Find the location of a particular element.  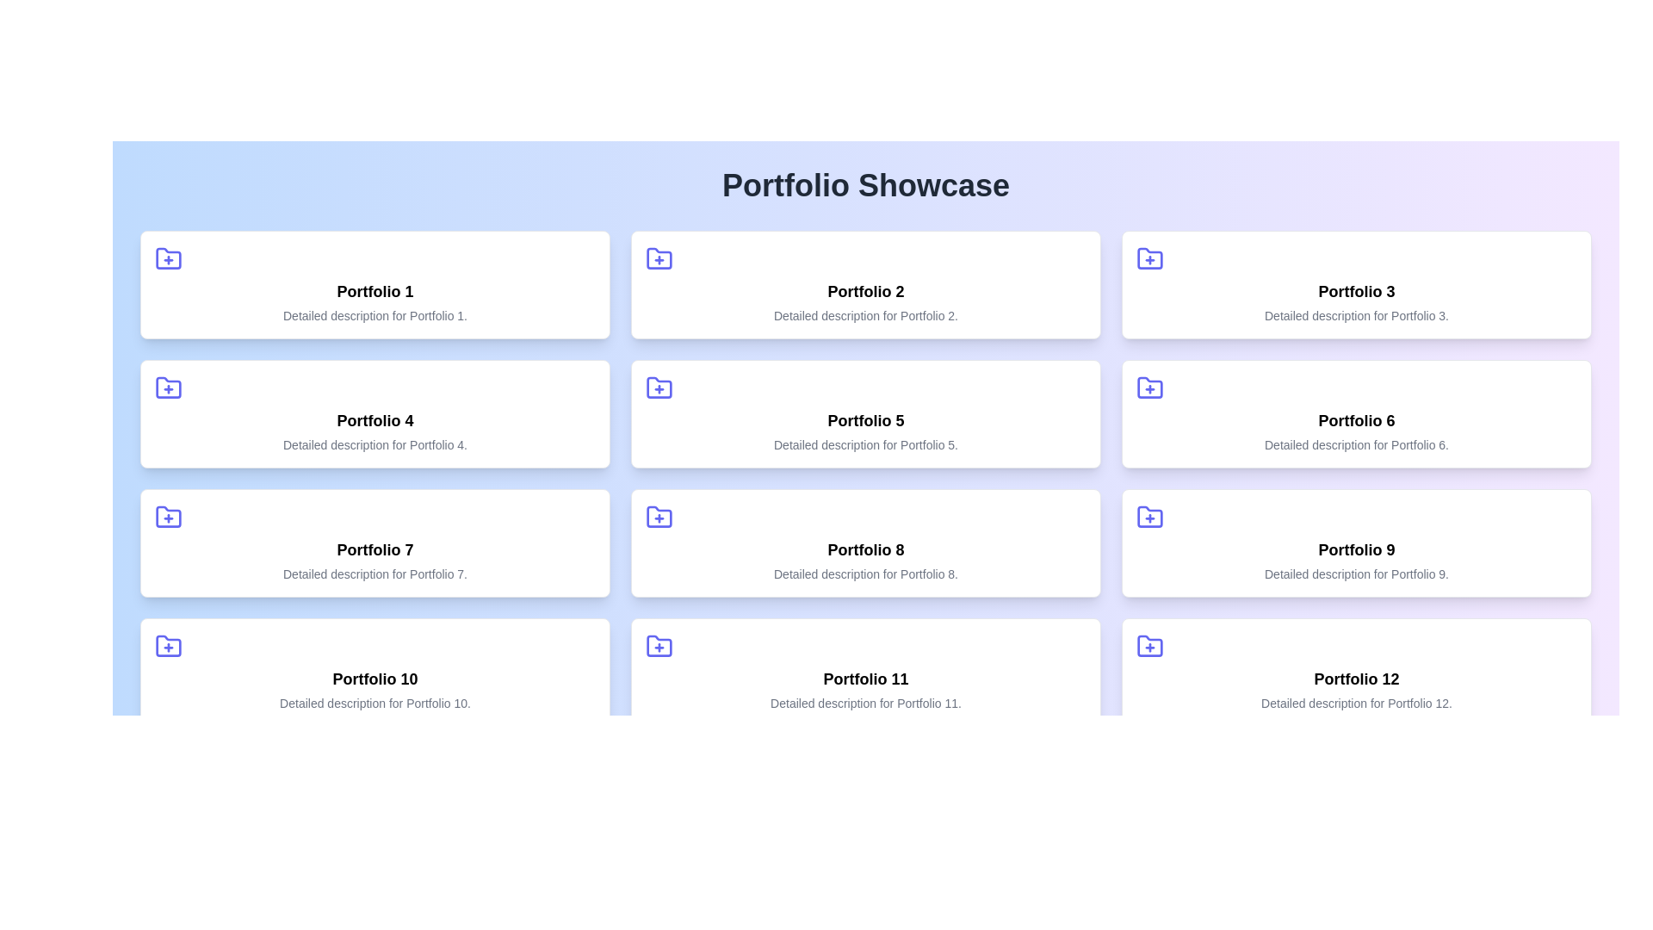

the static text element displaying 'Portfolio 1', which is prominently styled in bold and large font, located in the top-left corner of the first card in the grid layout is located at coordinates (375, 291).